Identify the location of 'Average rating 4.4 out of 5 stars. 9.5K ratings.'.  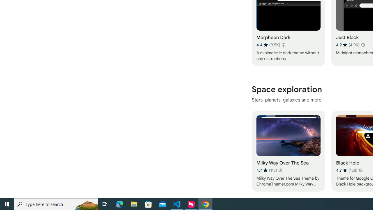
(268, 45).